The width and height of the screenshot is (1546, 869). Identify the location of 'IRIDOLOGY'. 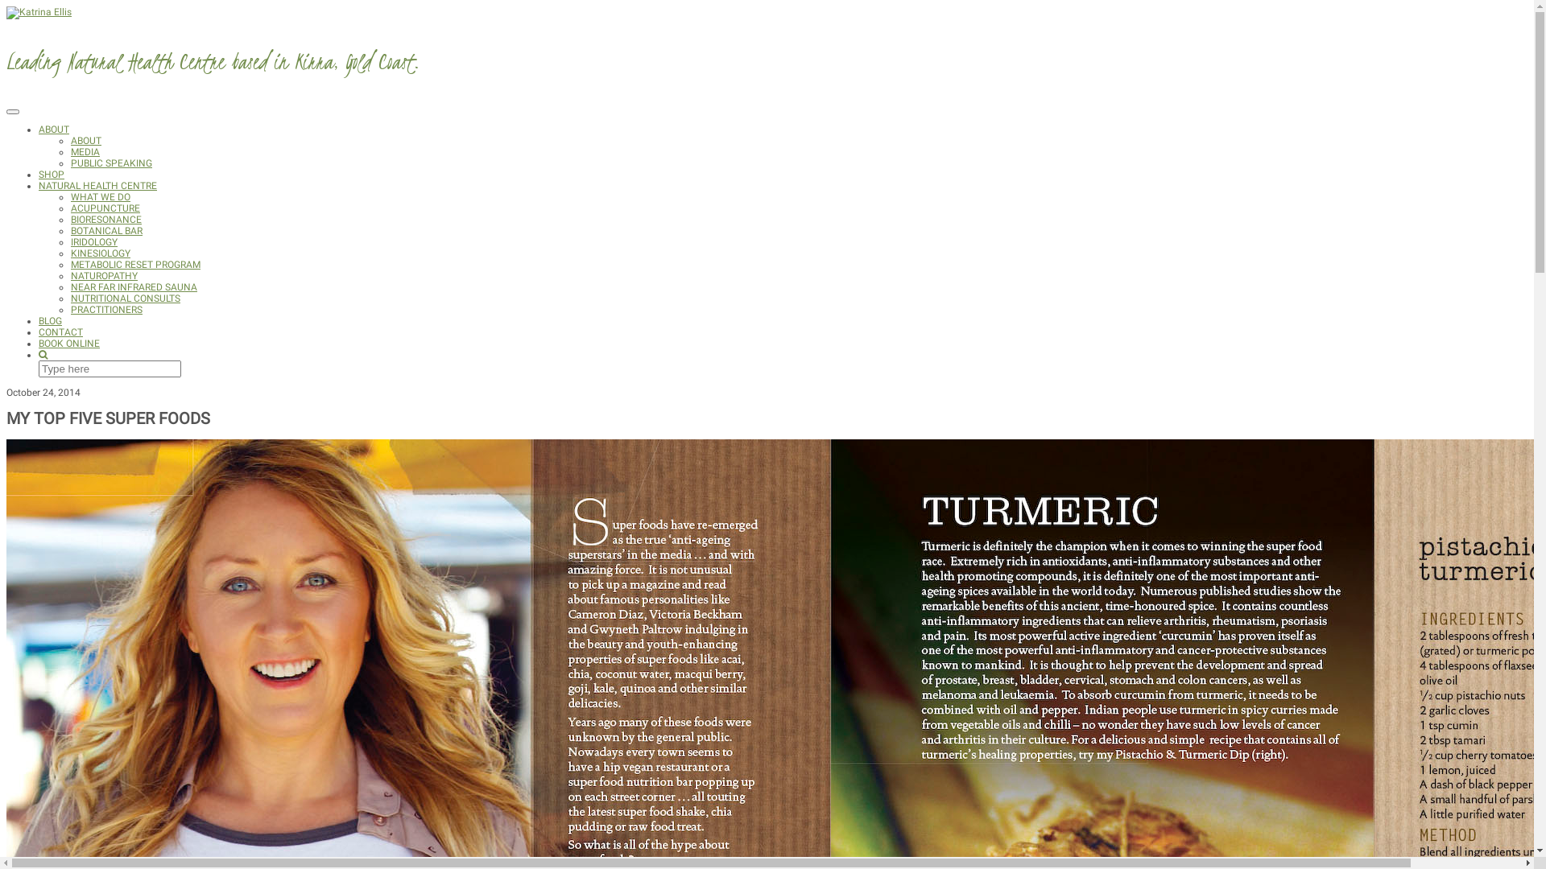
(69, 241).